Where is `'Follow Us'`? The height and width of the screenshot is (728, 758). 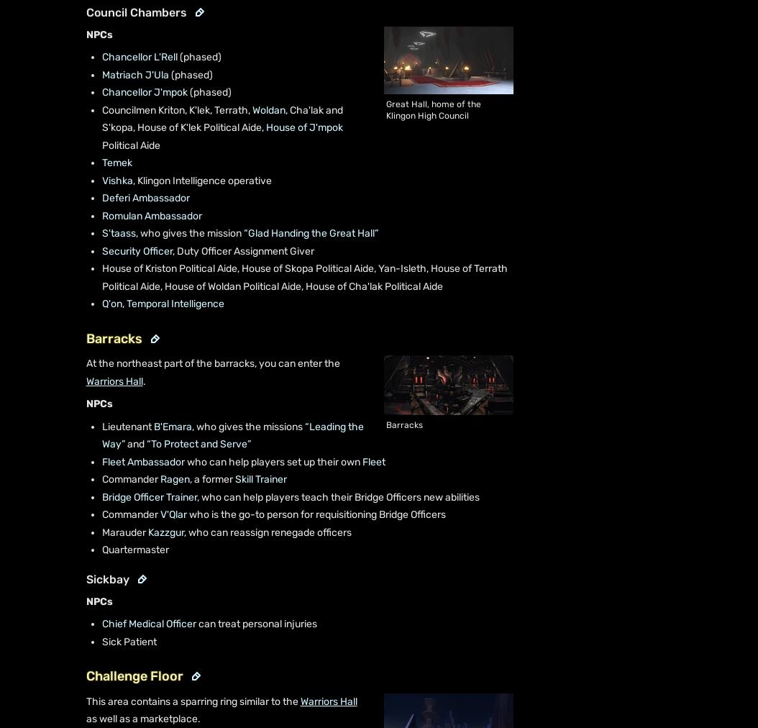 'Follow Us' is located at coordinates (60, 596).